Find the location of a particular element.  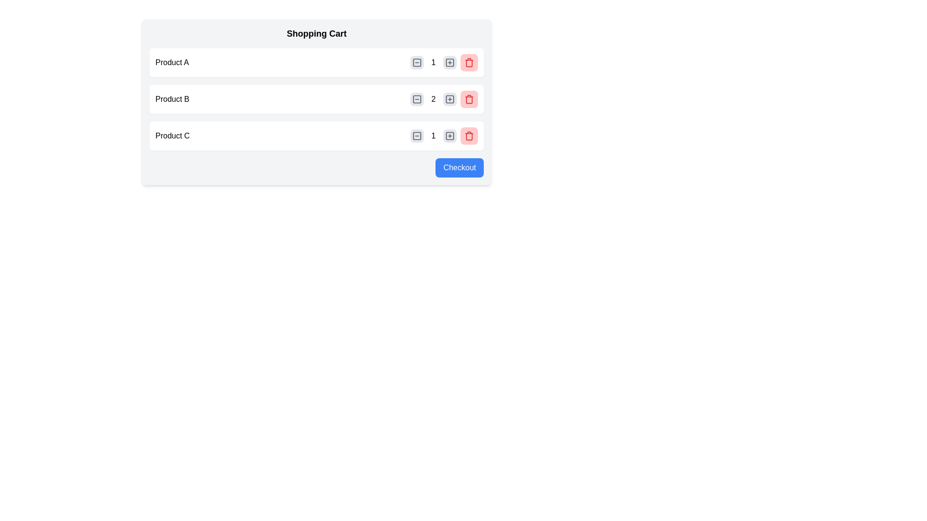

the Icon button with a centered minus sign in the shopping cart interface for 'Product B' is located at coordinates (417, 99).